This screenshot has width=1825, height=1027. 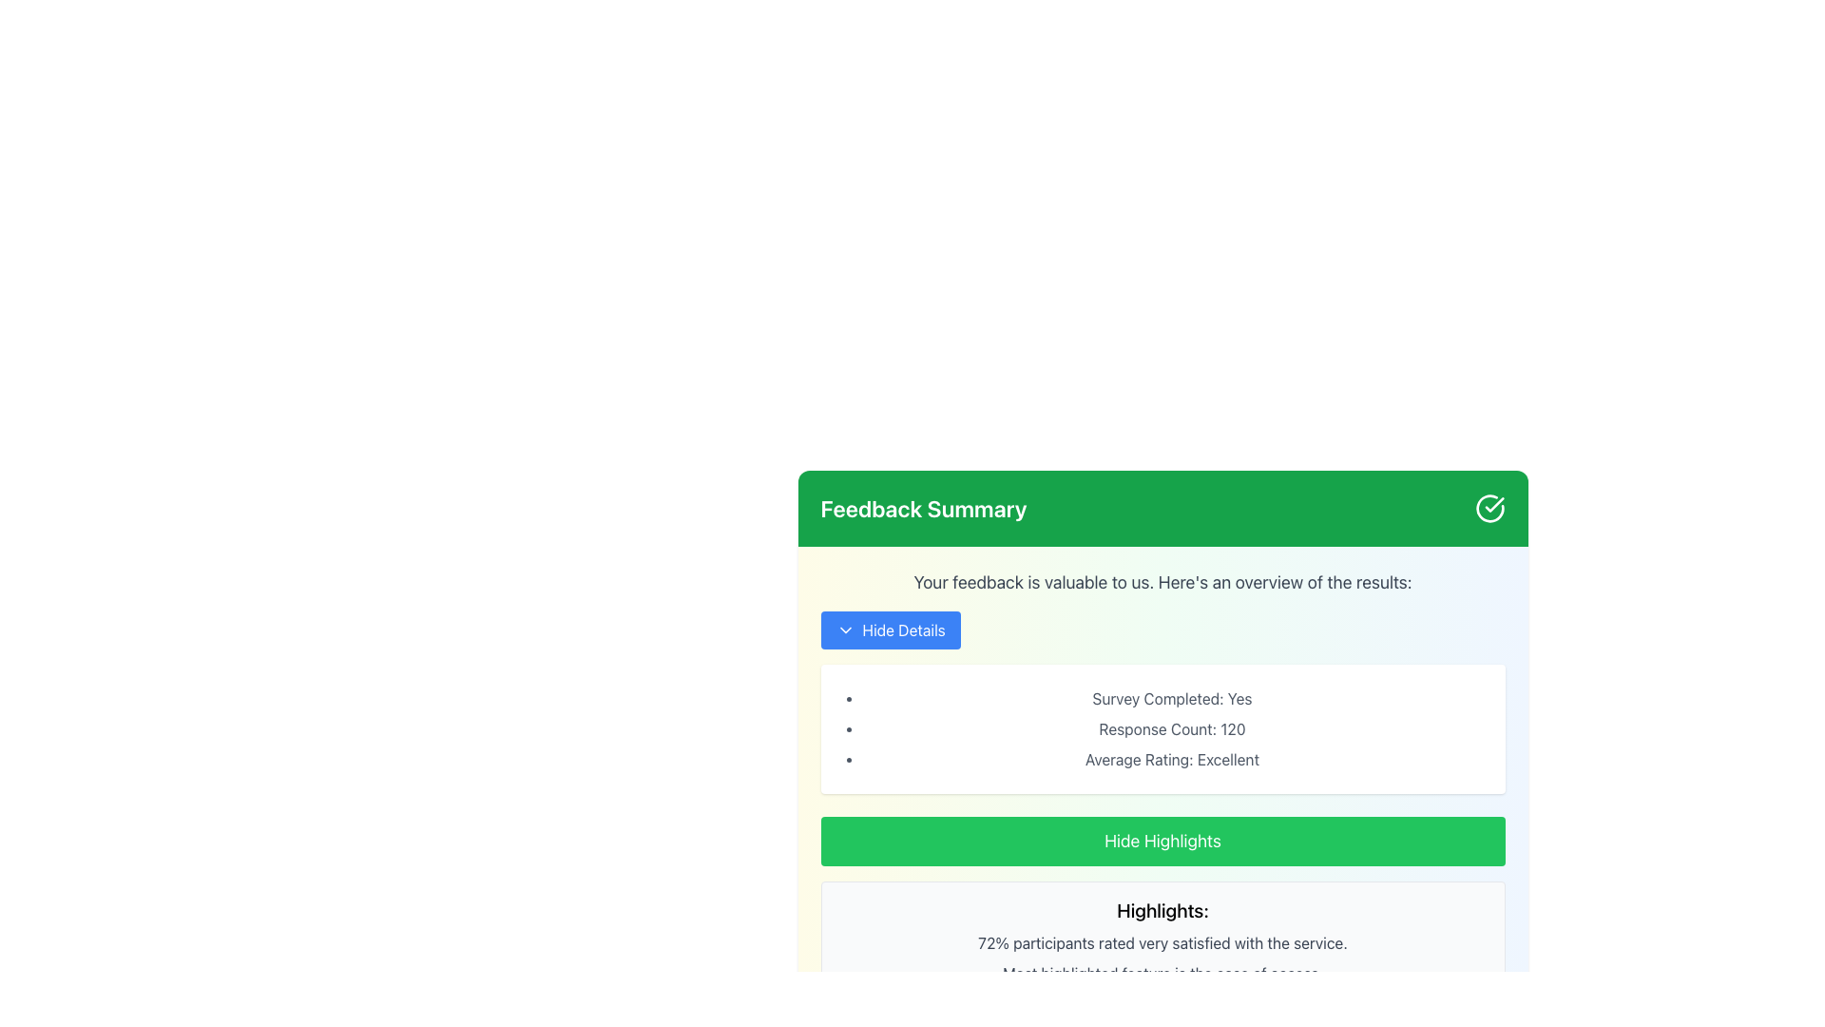 What do you see at coordinates (1162, 942) in the screenshot?
I see `the text element that displays user satisfaction statistics, located between 'Highlights:' and 'Most highlighted feature is the ease of access.'` at bounding box center [1162, 942].